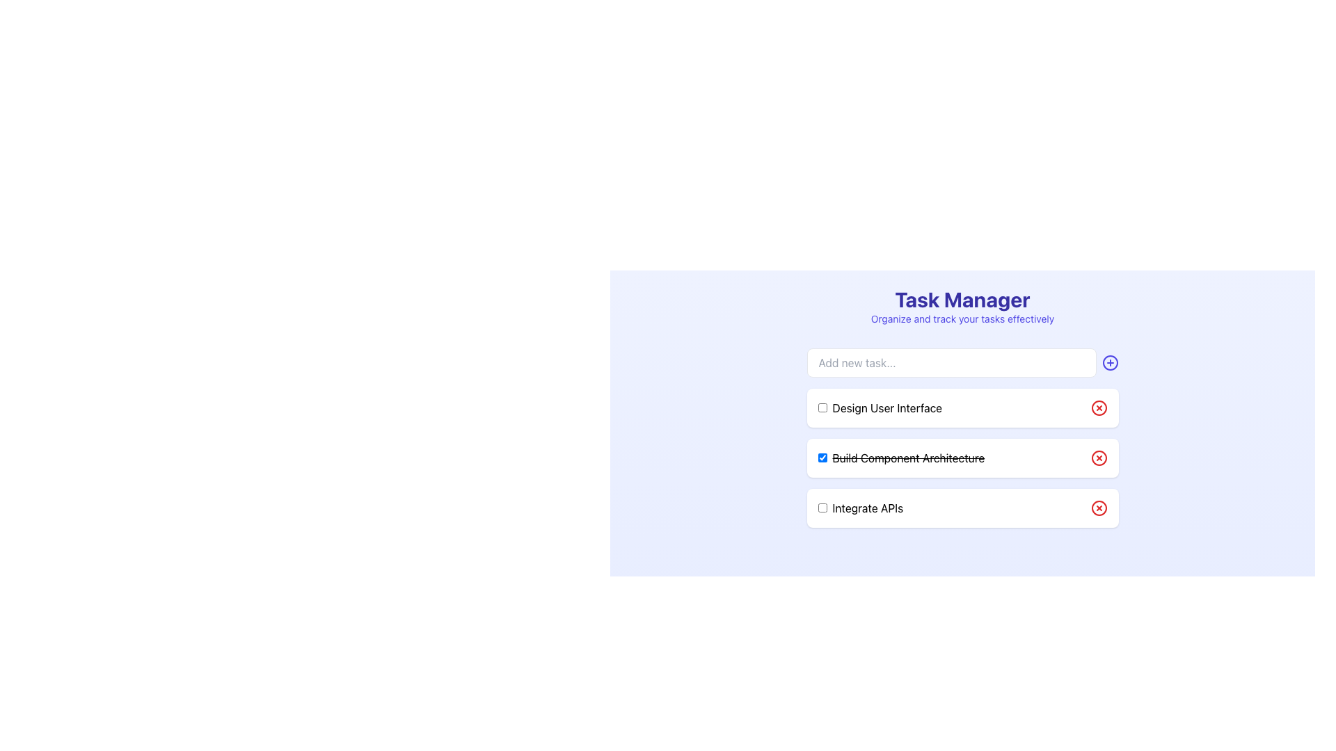  What do you see at coordinates (822, 458) in the screenshot?
I see `the checkbox for the task 'Build Component Architecture'` at bounding box center [822, 458].